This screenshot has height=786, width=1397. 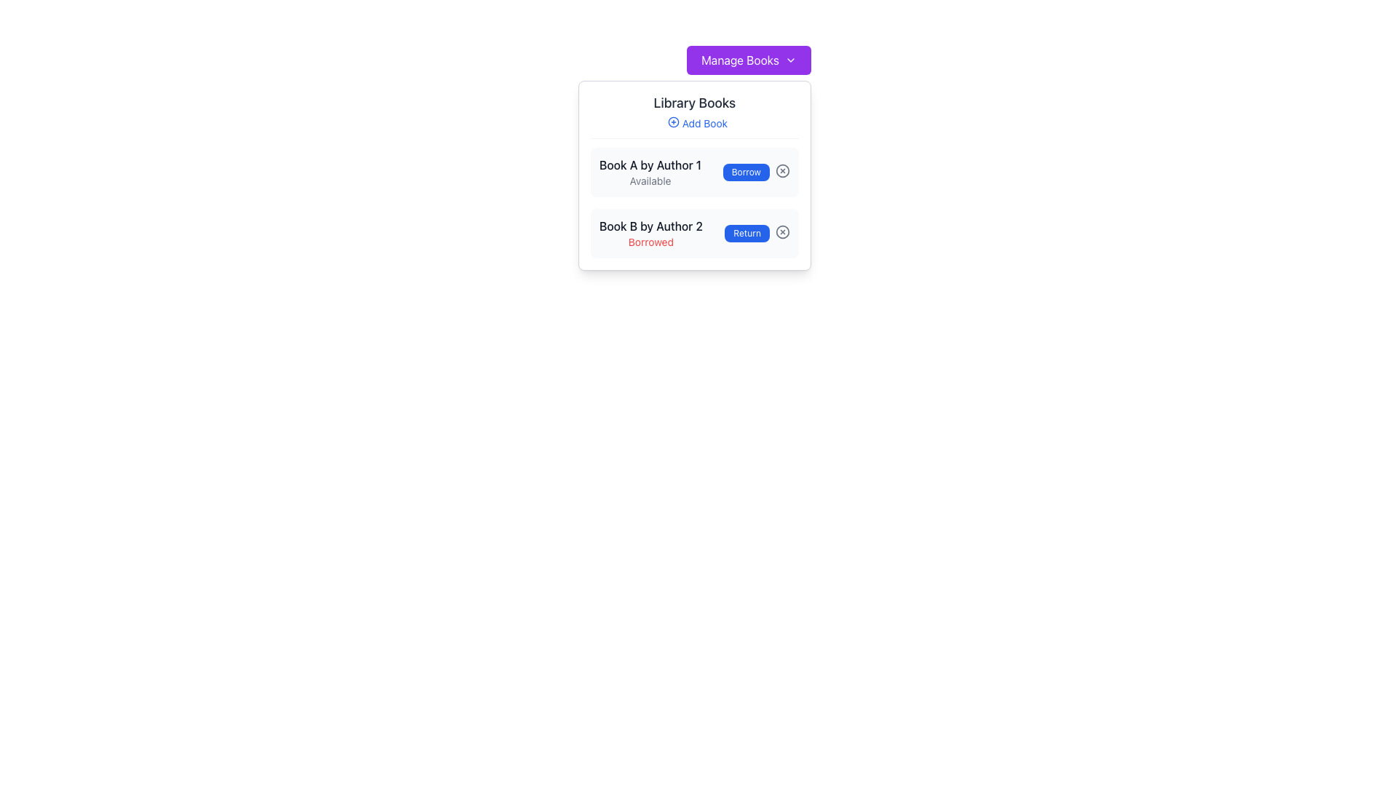 I want to click on the circular 'Return' icon associated with 'Book B by Author 2' in the 'Library Books' section, so click(x=781, y=231).